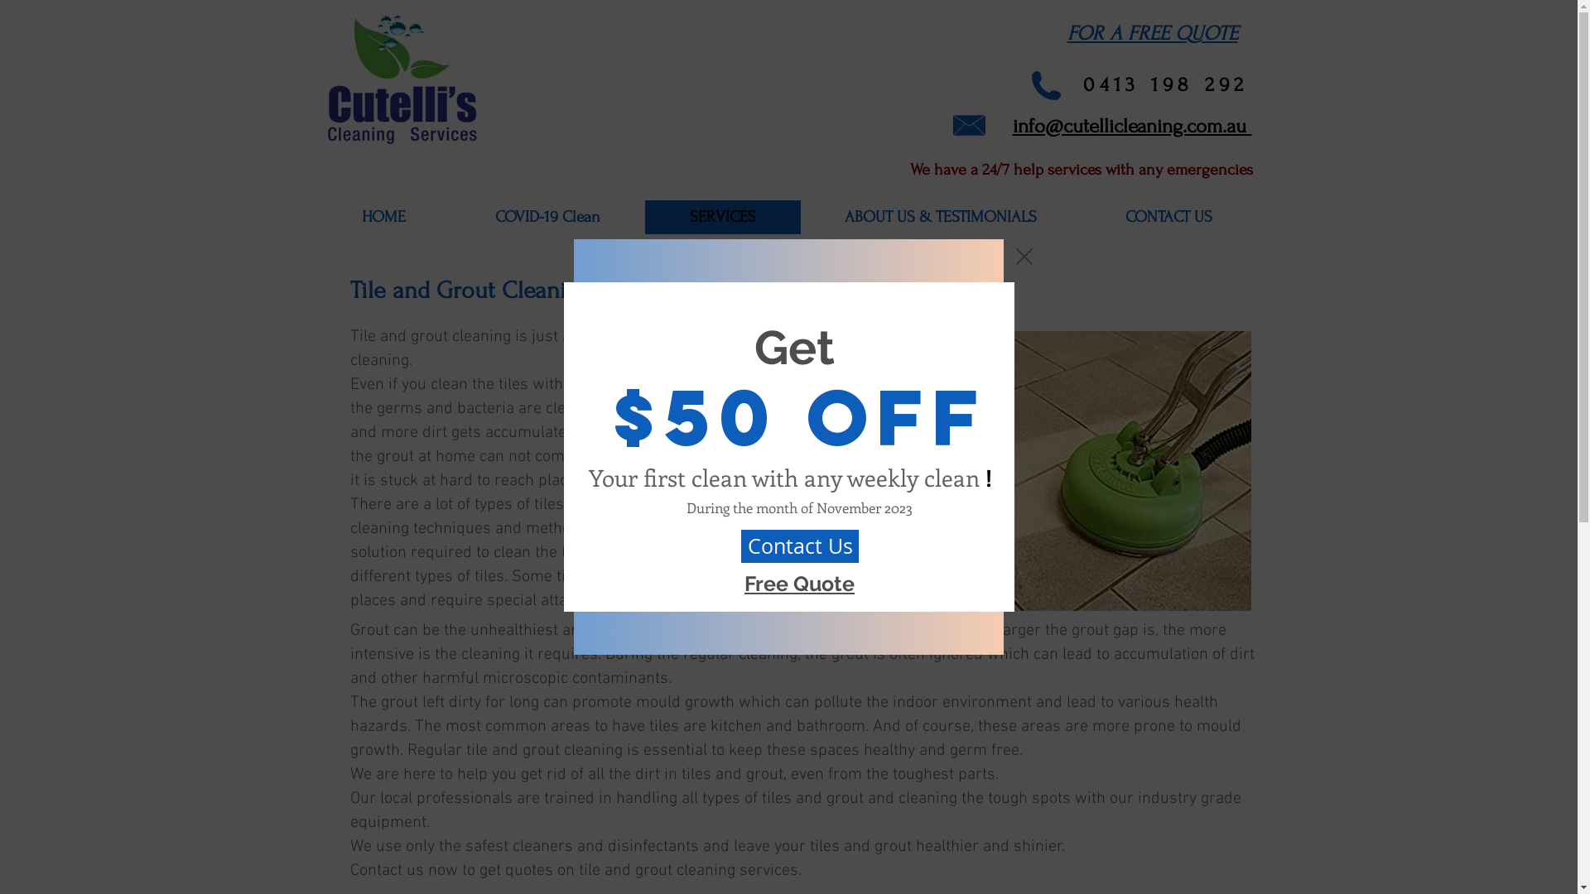  I want to click on 'CONTACT US', so click(1168, 216).